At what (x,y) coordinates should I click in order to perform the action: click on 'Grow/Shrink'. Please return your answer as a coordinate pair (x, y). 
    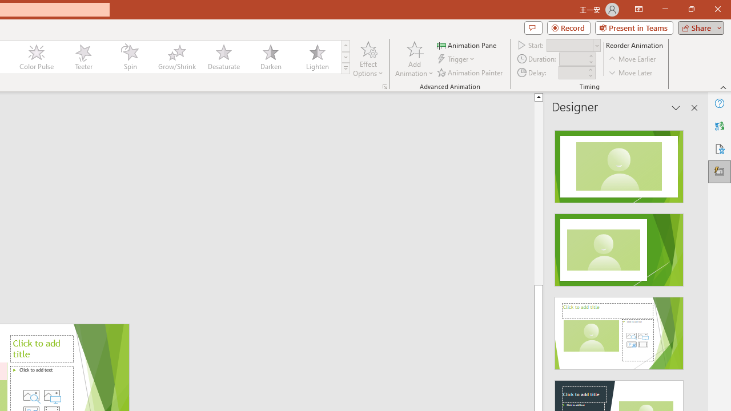
    Looking at the image, I should click on (176, 57).